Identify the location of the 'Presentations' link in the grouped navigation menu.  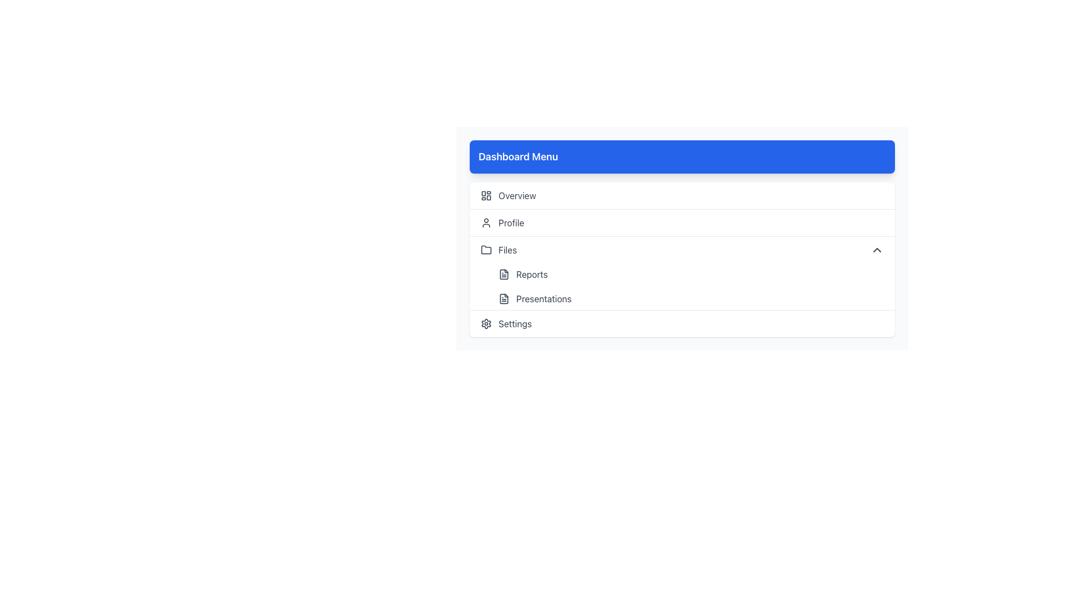
(681, 286).